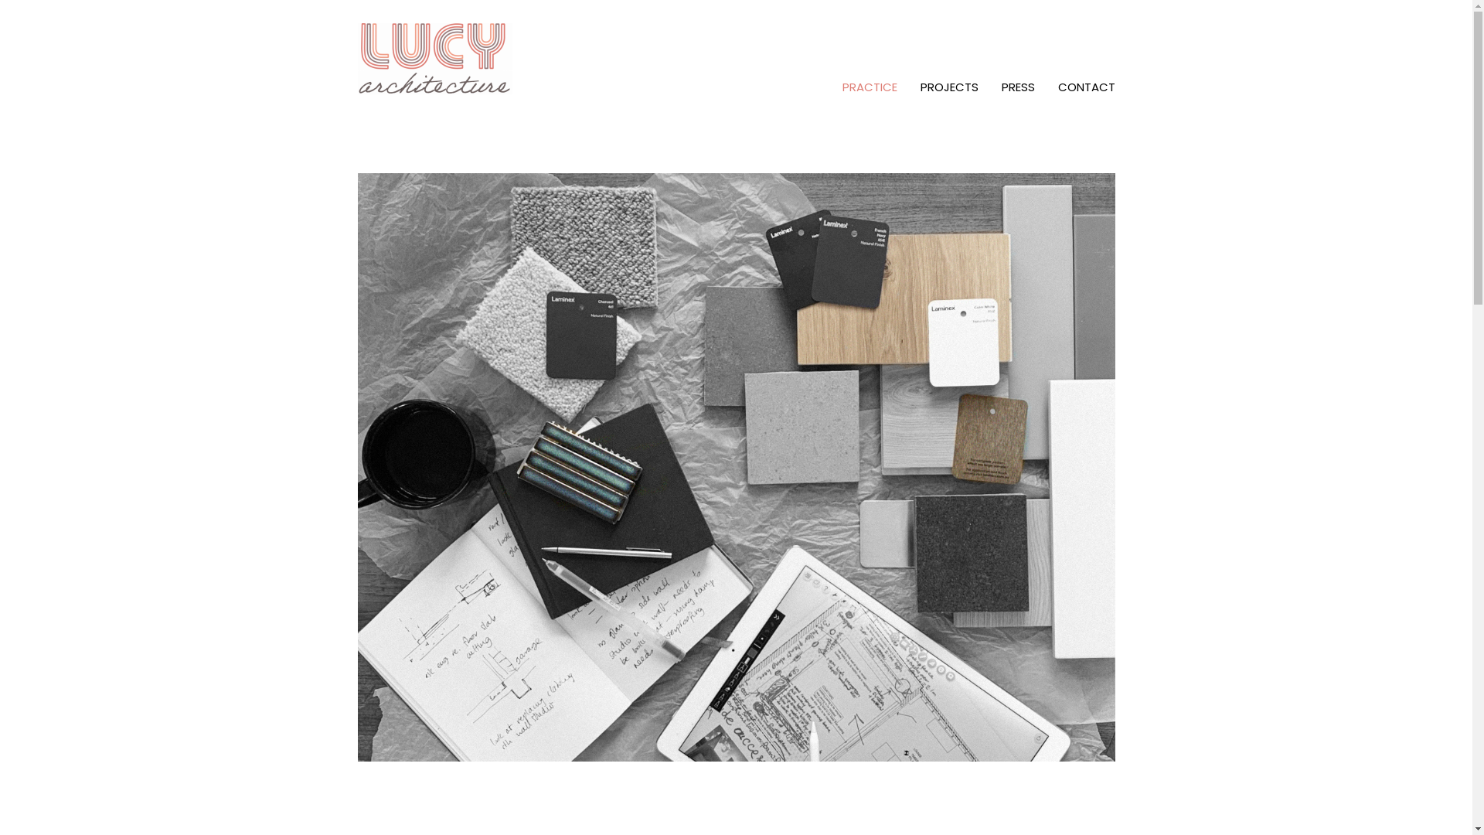  What do you see at coordinates (1086, 88) in the screenshot?
I see `'CONTACT'` at bounding box center [1086, 88].